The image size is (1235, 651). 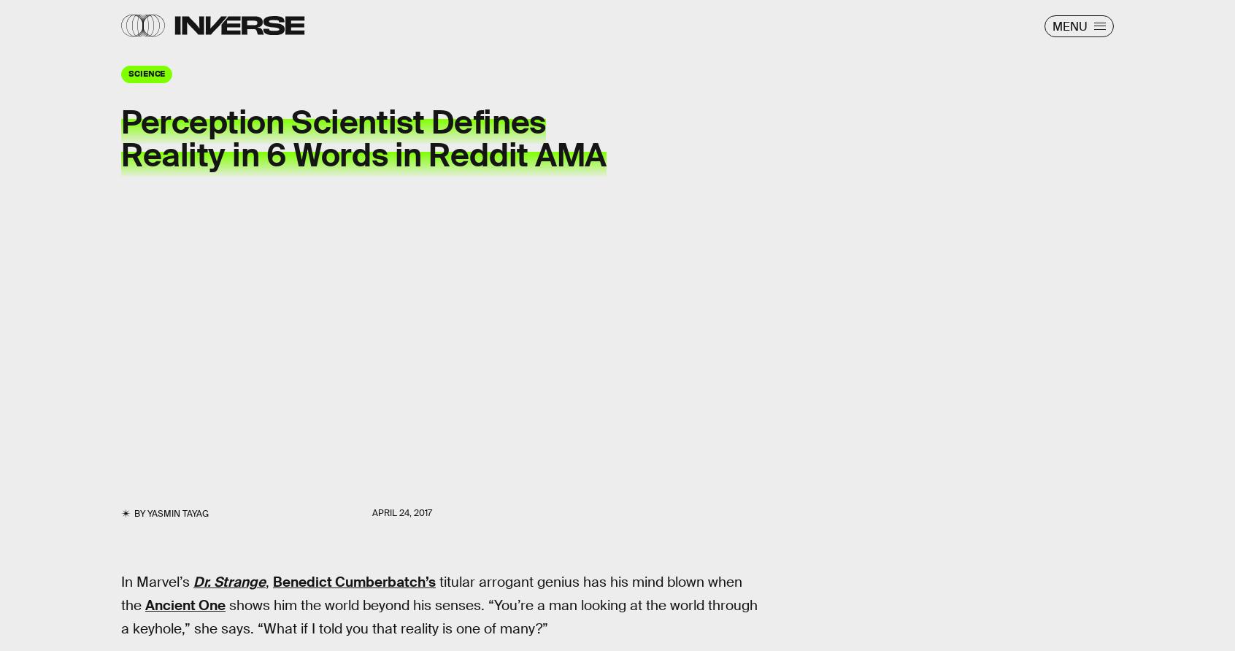 I want to click on 'Ancient One', so click(x=185, y=604).